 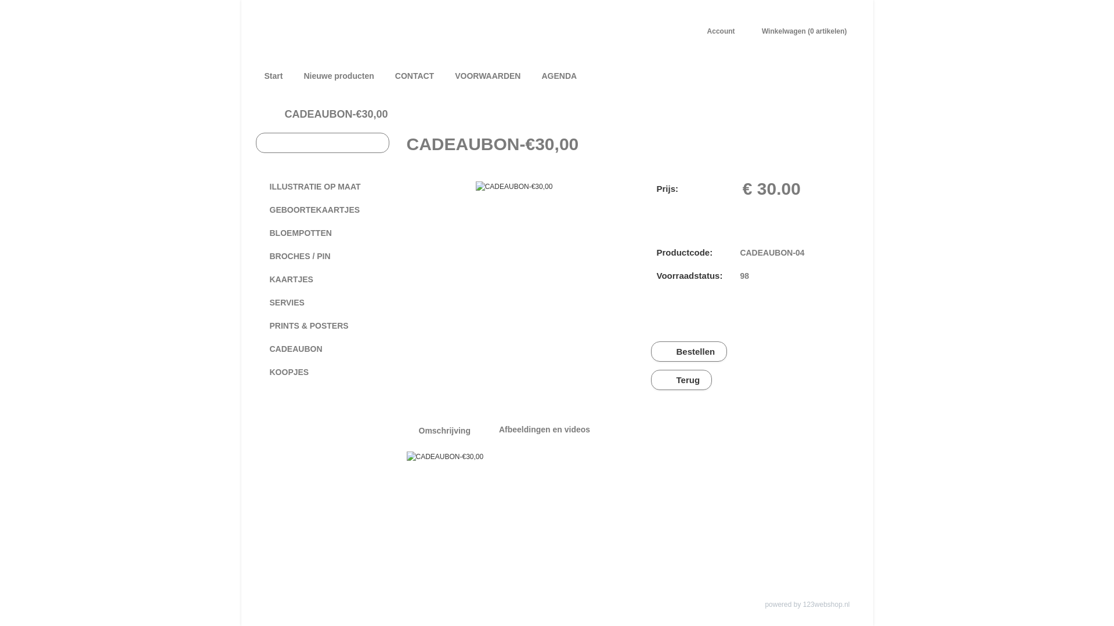 What do you see at coordinates (322, 301) in the screenshot?
I see `'SERVIES'` at bounding box center [322, 301].